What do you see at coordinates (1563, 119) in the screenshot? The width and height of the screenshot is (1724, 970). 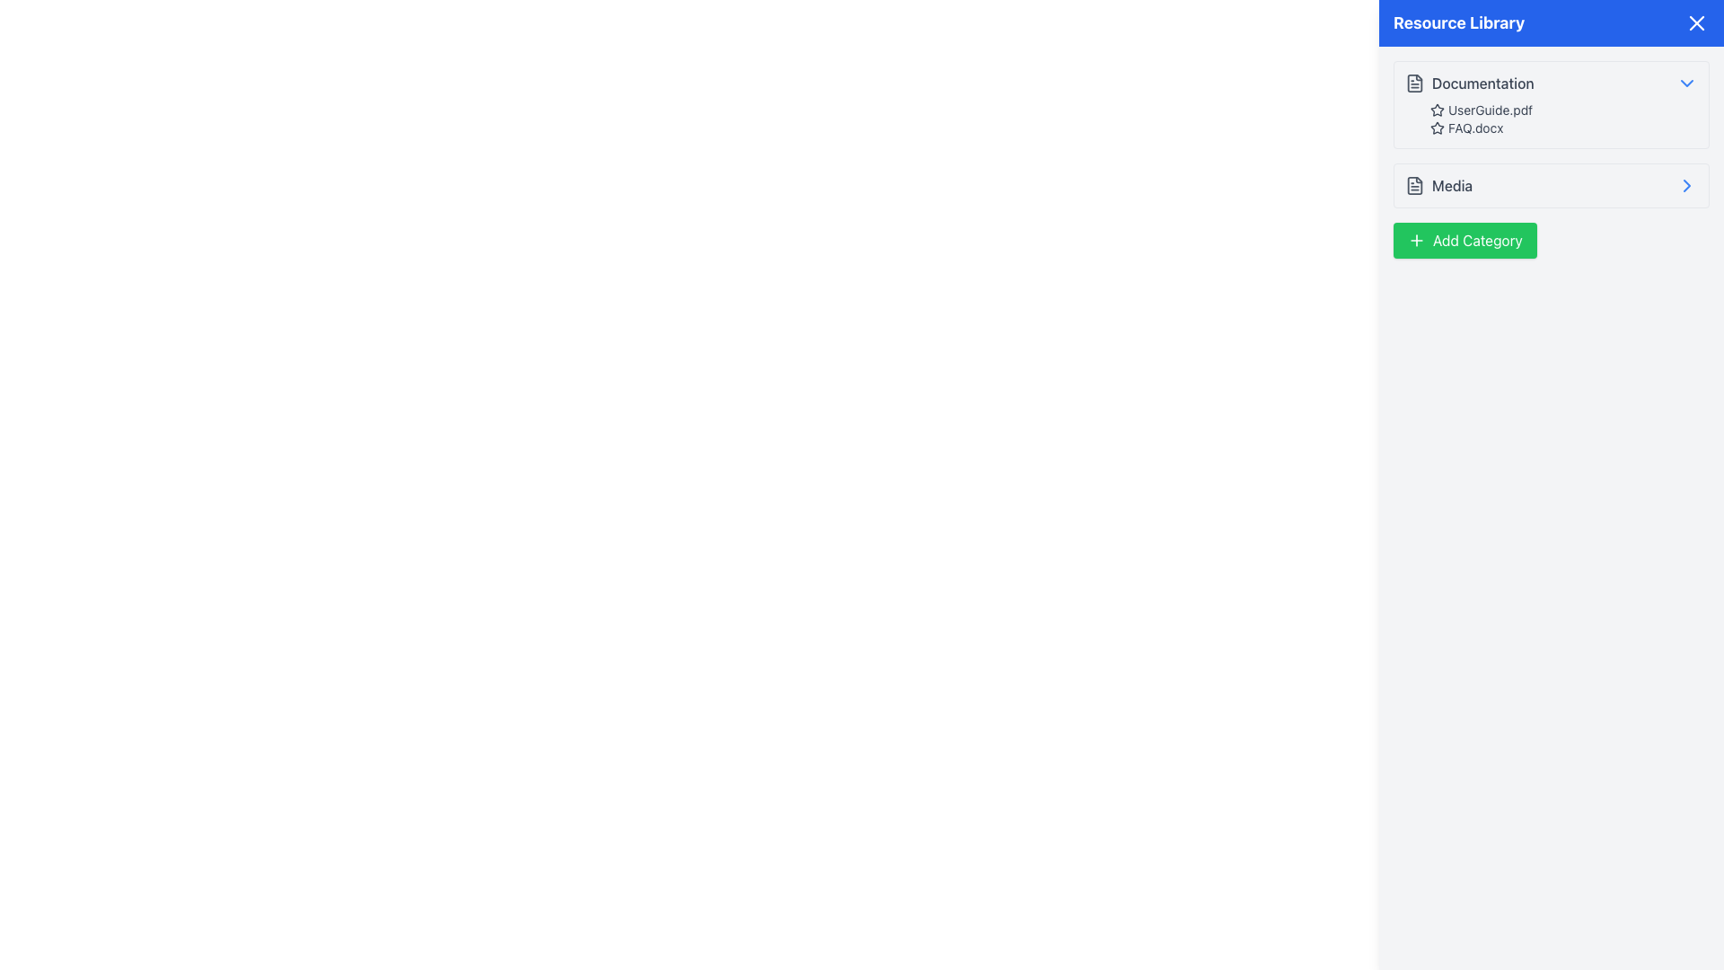 I see `the second list item displaying the file name 'FAQ.docx' in the 'Documentation' section of the 'Resource Library' panel` at bounding box center [1563, 119].